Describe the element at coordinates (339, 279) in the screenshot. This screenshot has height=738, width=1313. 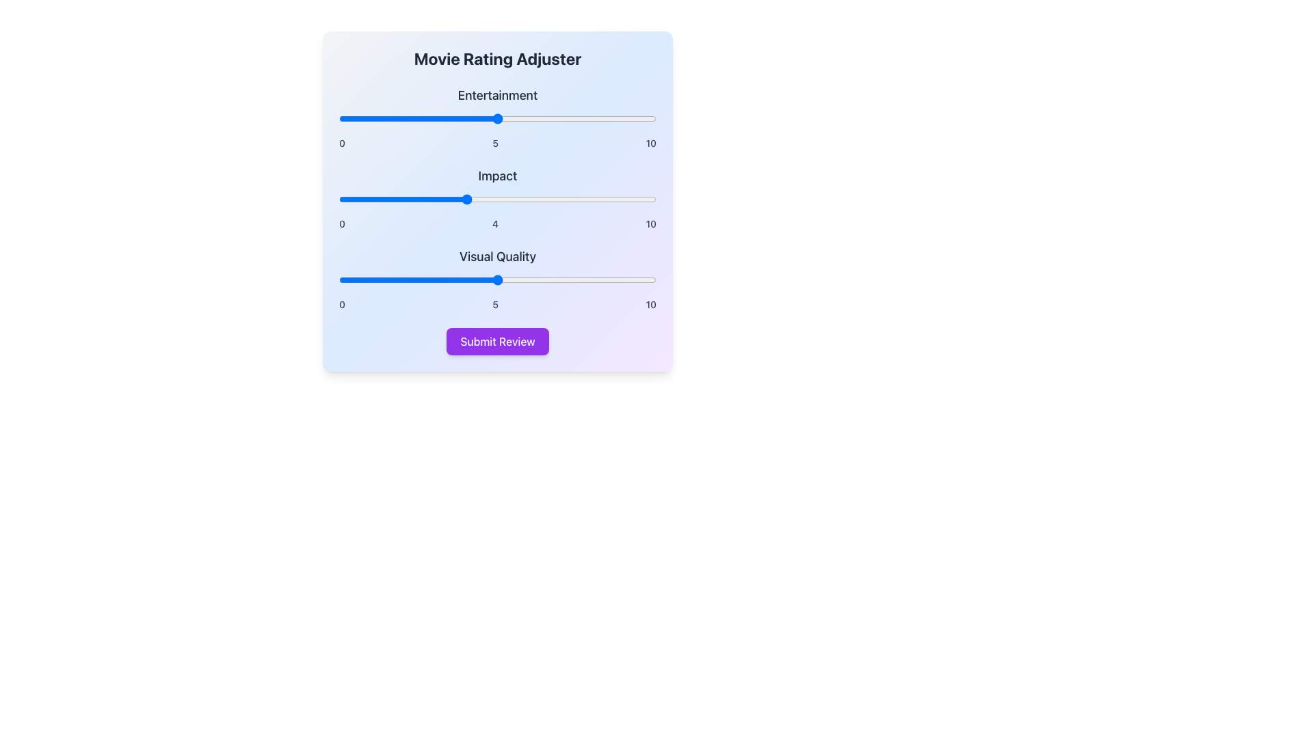
I see `Visual Quality` at that location.